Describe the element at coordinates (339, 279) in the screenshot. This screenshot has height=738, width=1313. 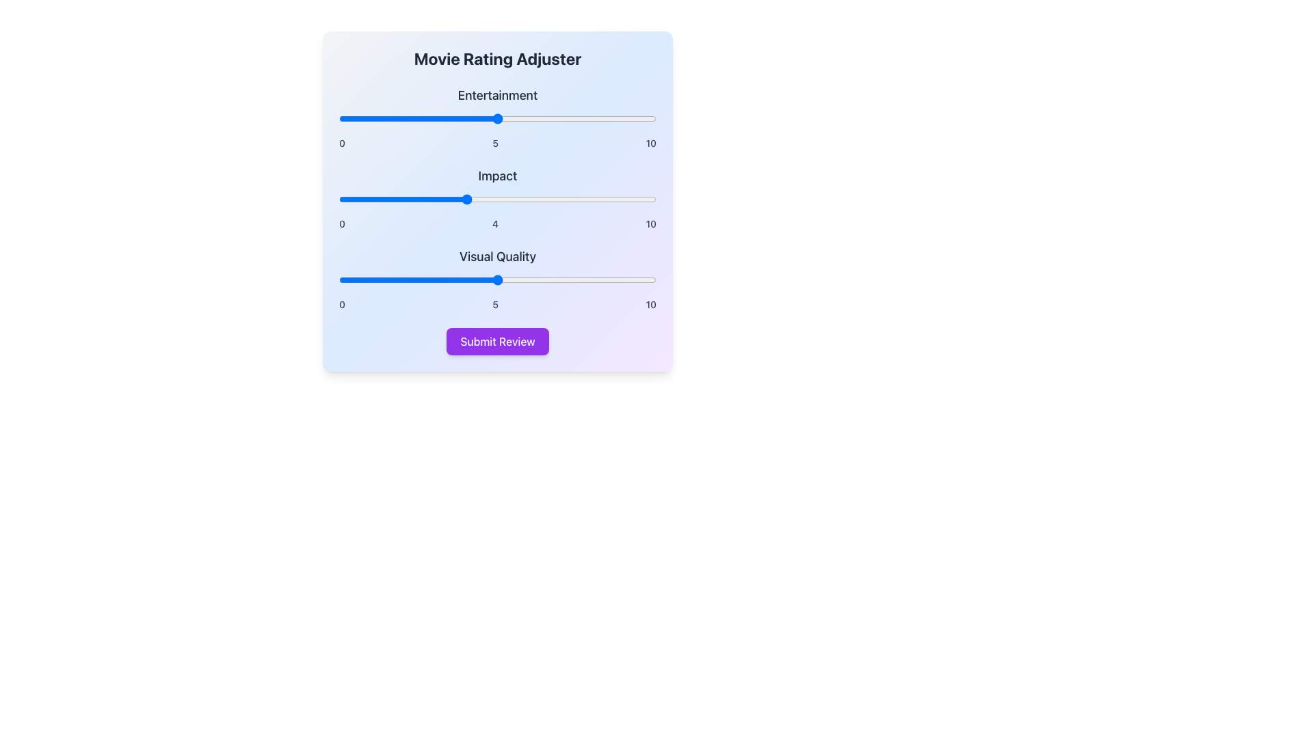
I see `Visual Quality` at that location.